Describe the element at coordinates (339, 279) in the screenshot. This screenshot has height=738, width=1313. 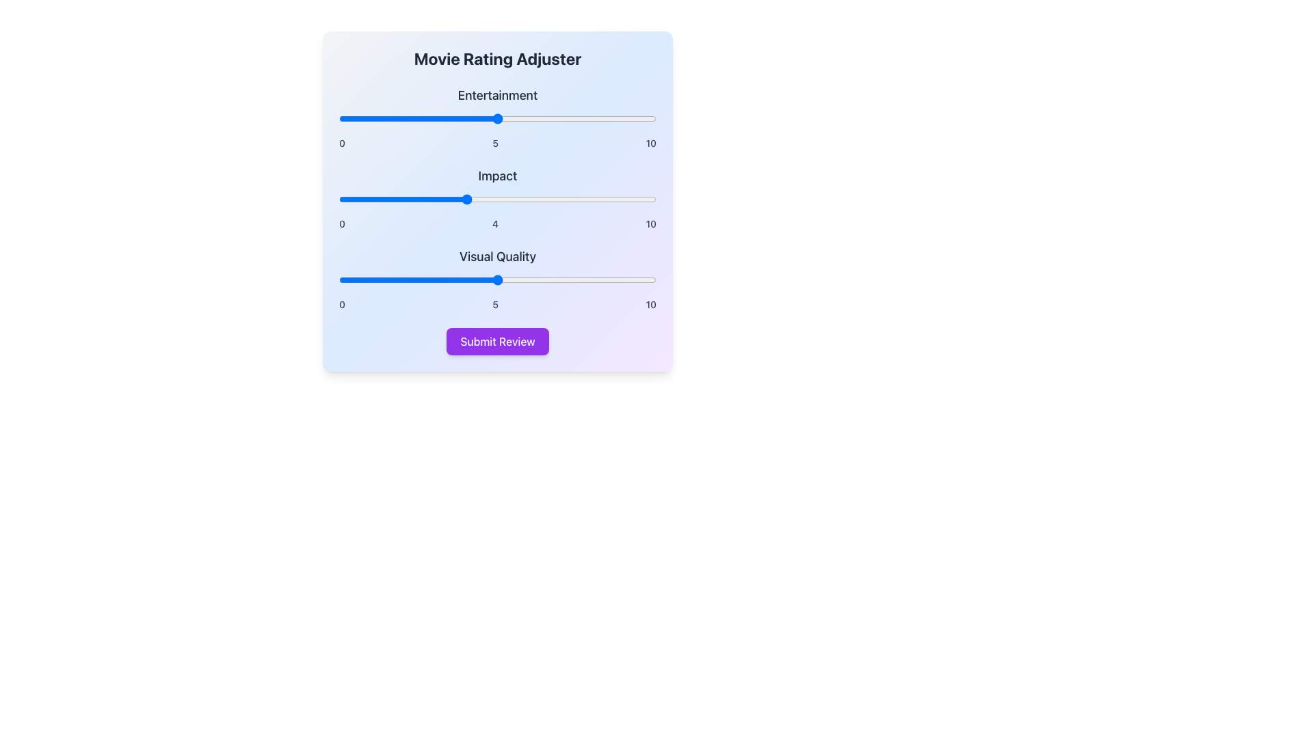
I see `Visual Quality` at that location.